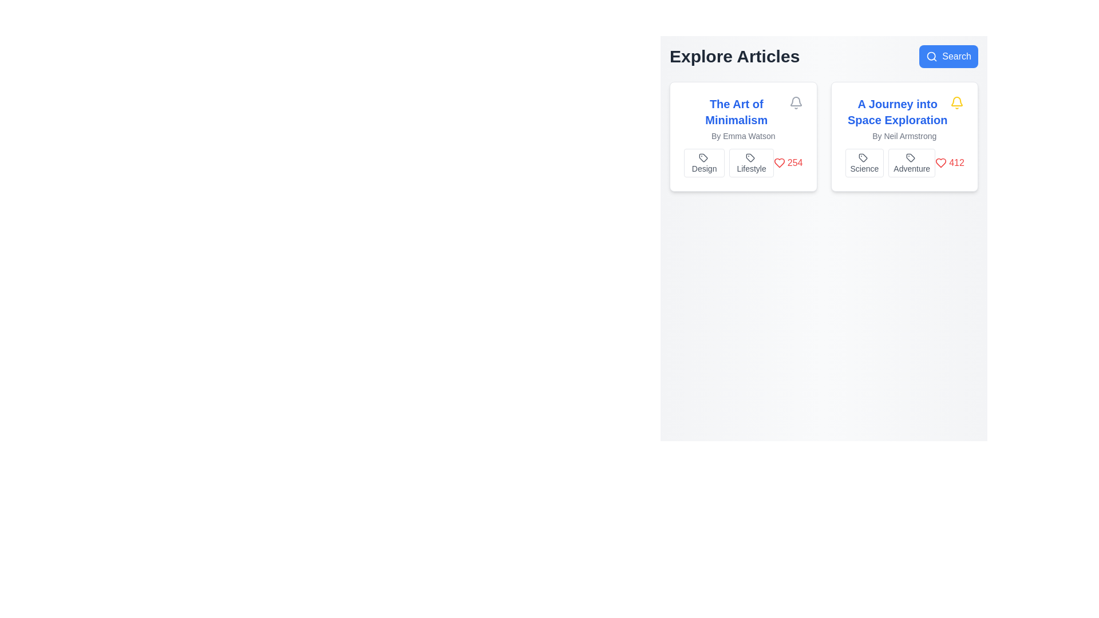 This screenshot has width=1099, height=618. What do you see at coordinates (743, 112) in the screenshot?
I see `the text element displaying 'The Art of Minimalism' in bold blue font, located in the top section of the first card` at bounding box center [743, 112].